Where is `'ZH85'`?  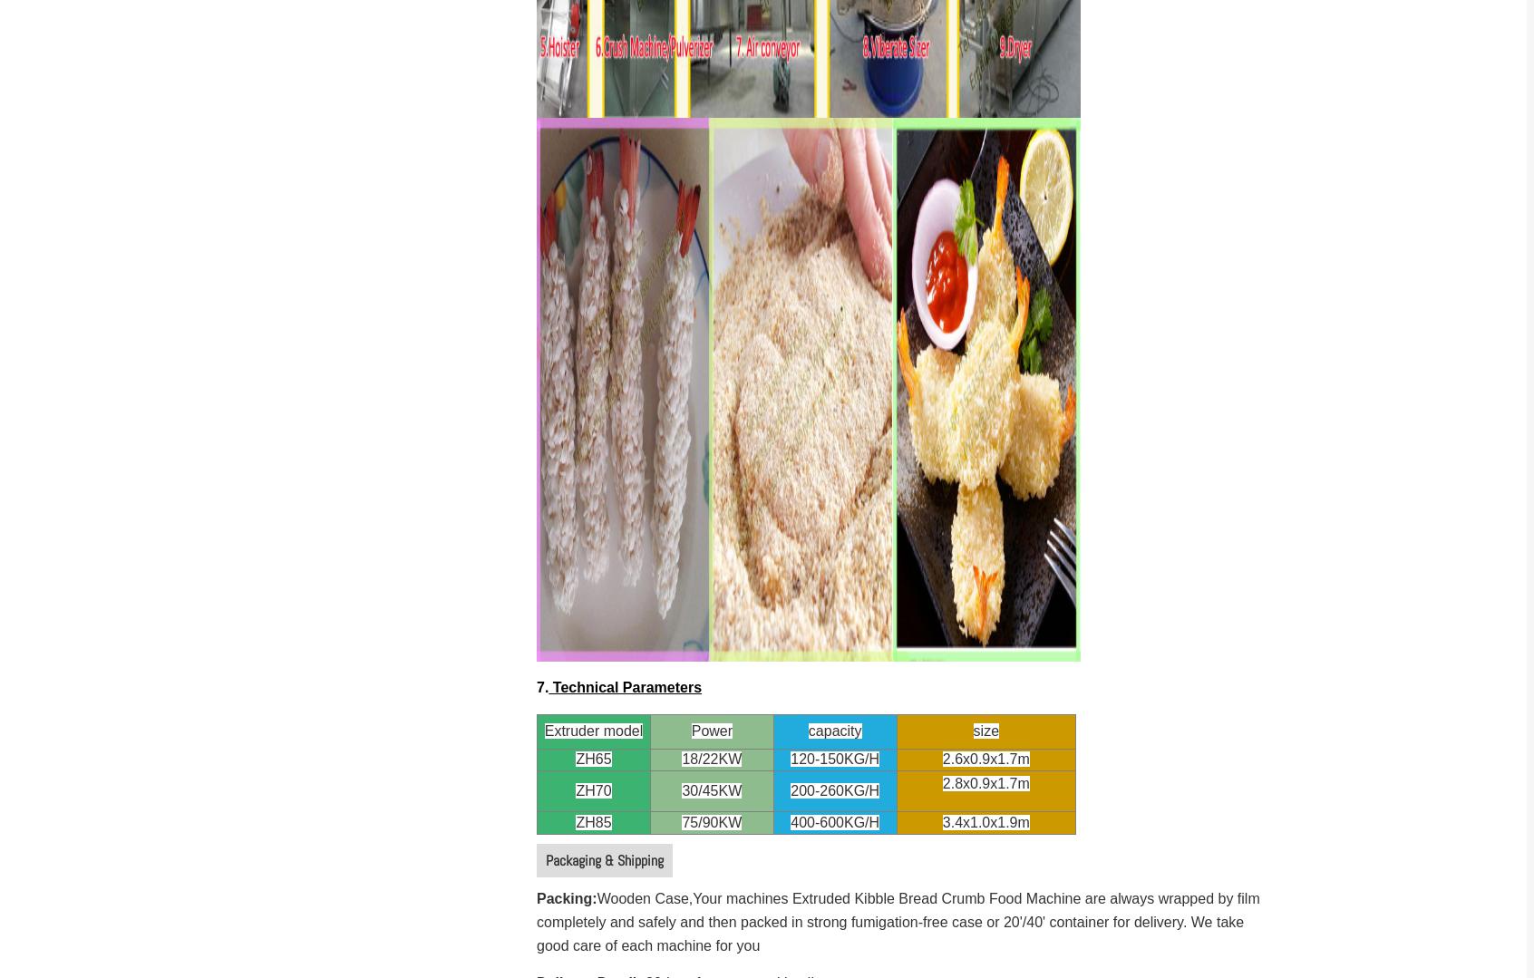
'ZH85' is located at coordinates (593, 821).